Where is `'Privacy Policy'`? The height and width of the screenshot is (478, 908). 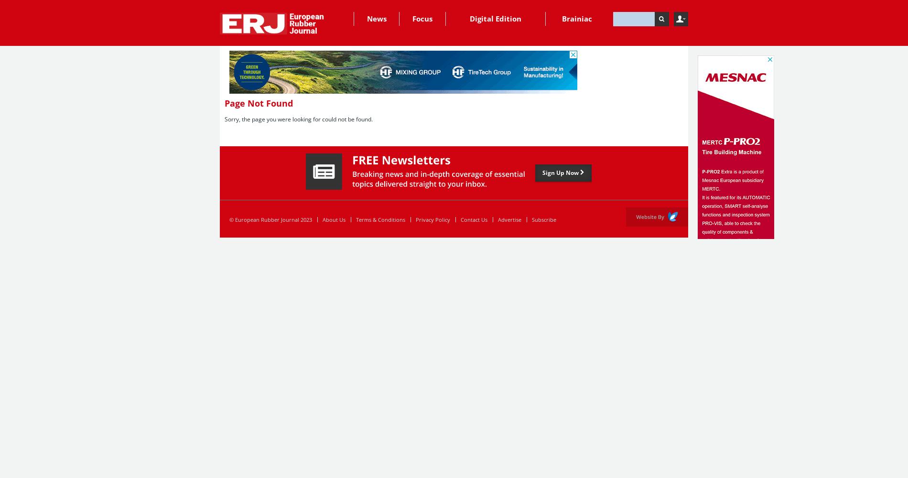
'Privacy Policy' is located at coordinates (432, 219).